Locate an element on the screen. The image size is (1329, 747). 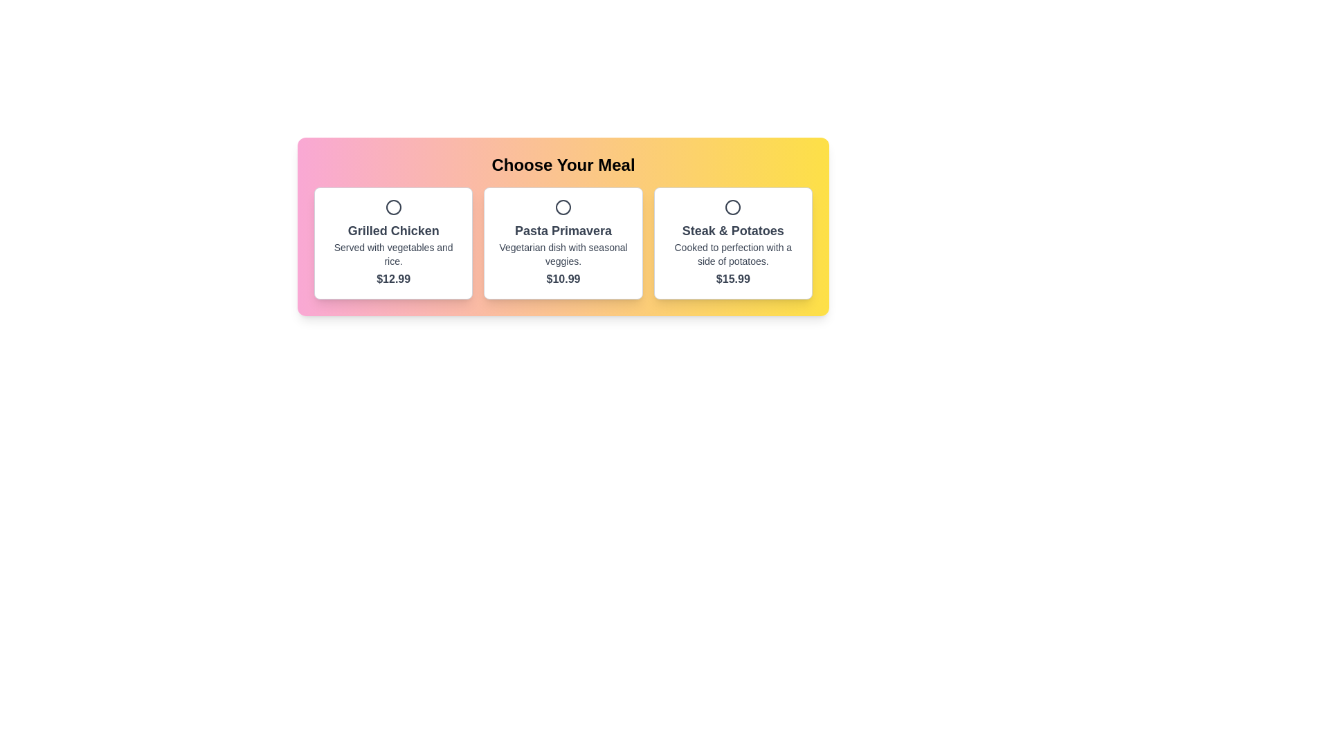
the Static Text that serves as the title of the first meal option in the horizontal list, positioned at the top of its card is located at coordinates (392, 230).